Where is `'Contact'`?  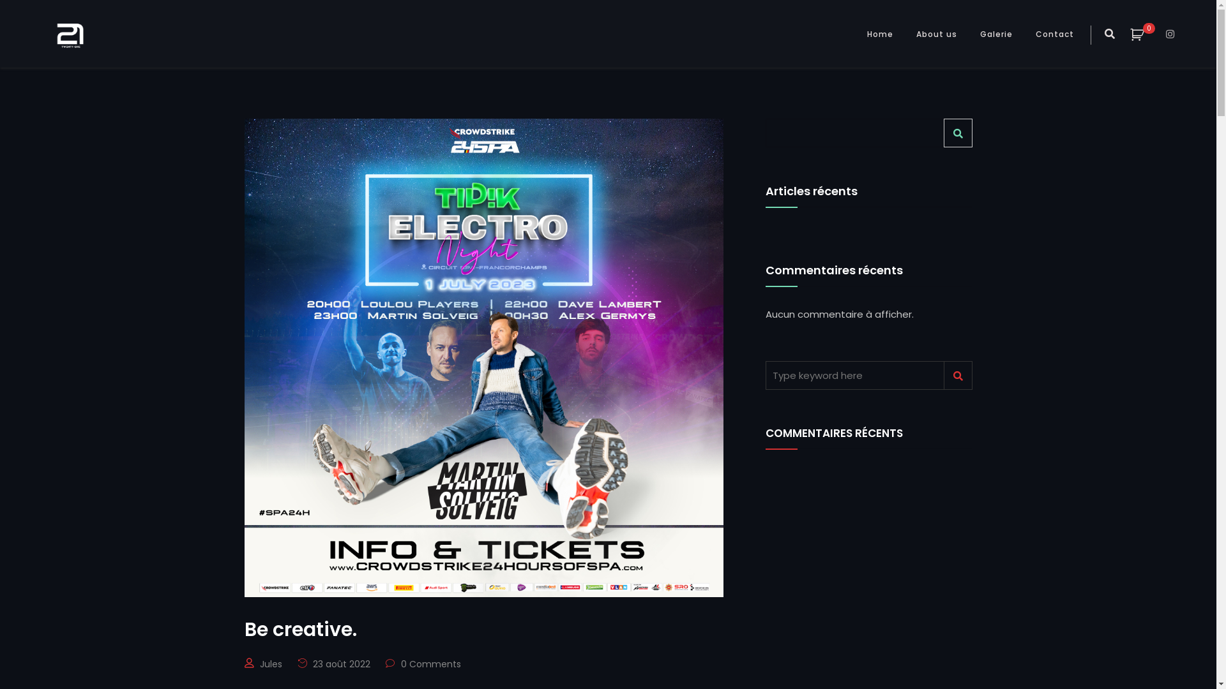
'Contact' is located at coordinates (1024, 33).